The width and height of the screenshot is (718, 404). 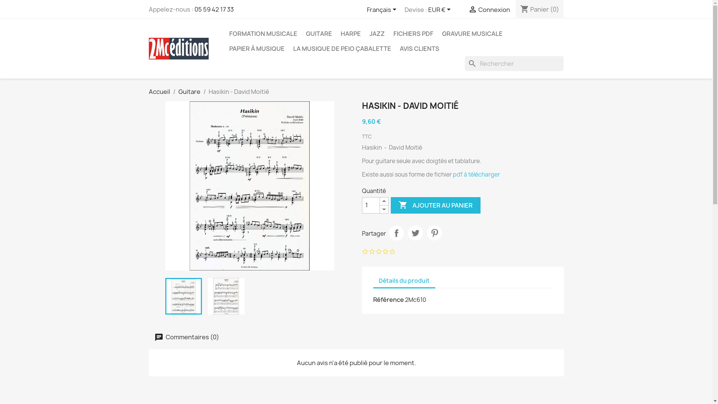 I want to click on 'FORMATION MUSICALE', so click(x=263, y=33).